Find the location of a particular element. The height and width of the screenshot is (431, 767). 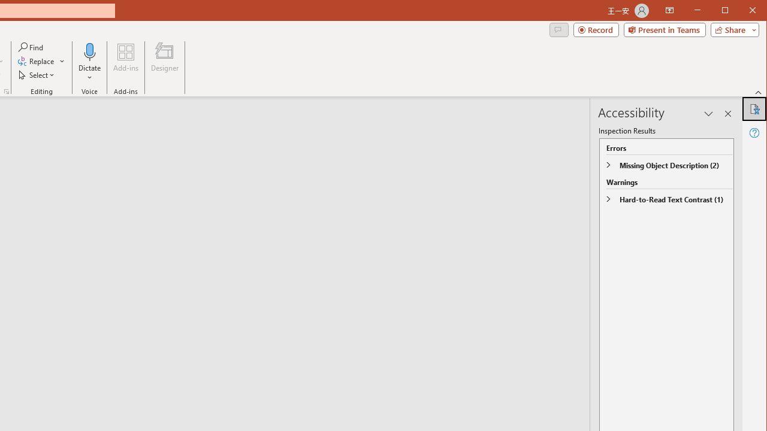

'Minimize' is located at coordinates (728, 11).